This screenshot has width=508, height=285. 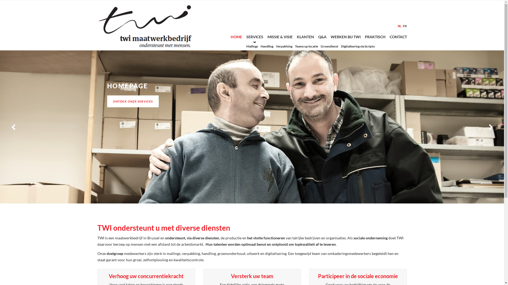 What do you see at coordinates (399, 26) in the screenshot?
I see `'NL'` at bounding box center [399, 26].